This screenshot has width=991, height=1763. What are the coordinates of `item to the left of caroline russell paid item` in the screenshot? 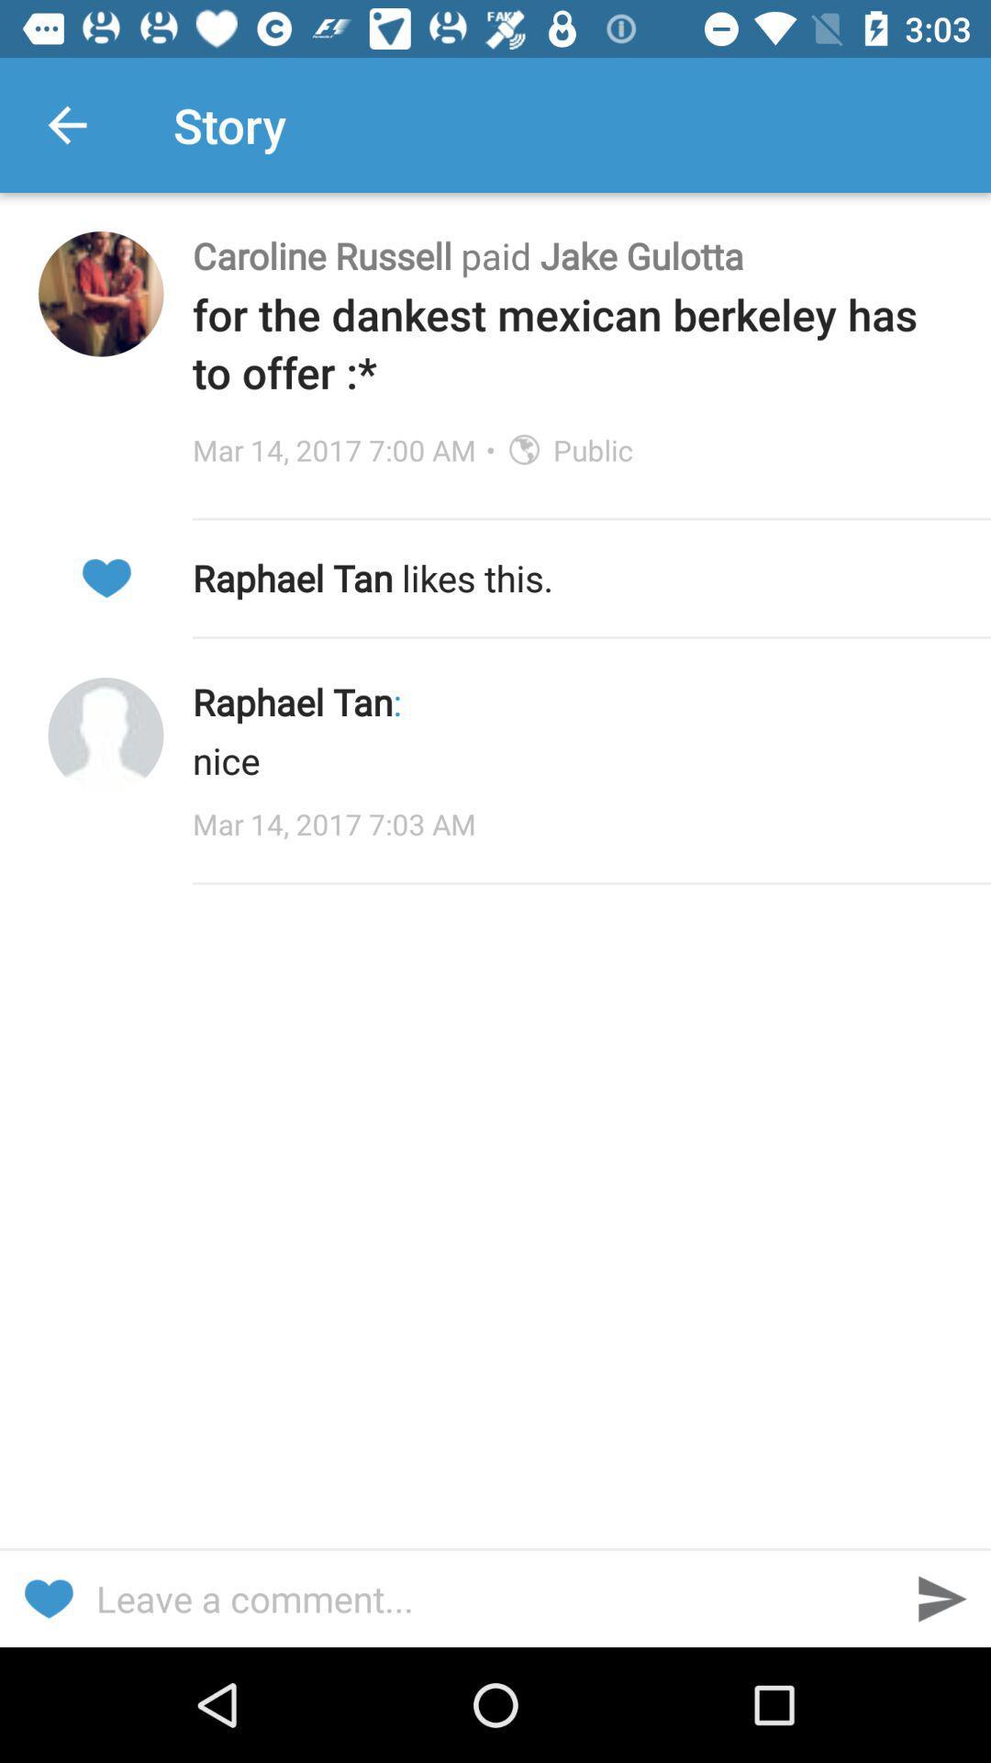 It's located at (101, 294).